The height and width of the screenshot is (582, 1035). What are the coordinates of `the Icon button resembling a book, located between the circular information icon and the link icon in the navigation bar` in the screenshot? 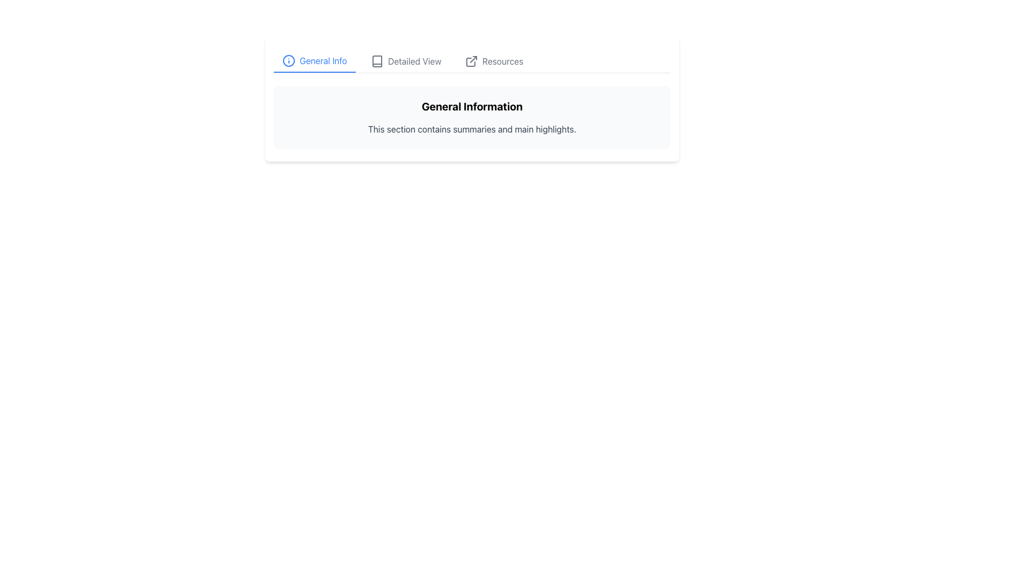 It's located at (377, 61).